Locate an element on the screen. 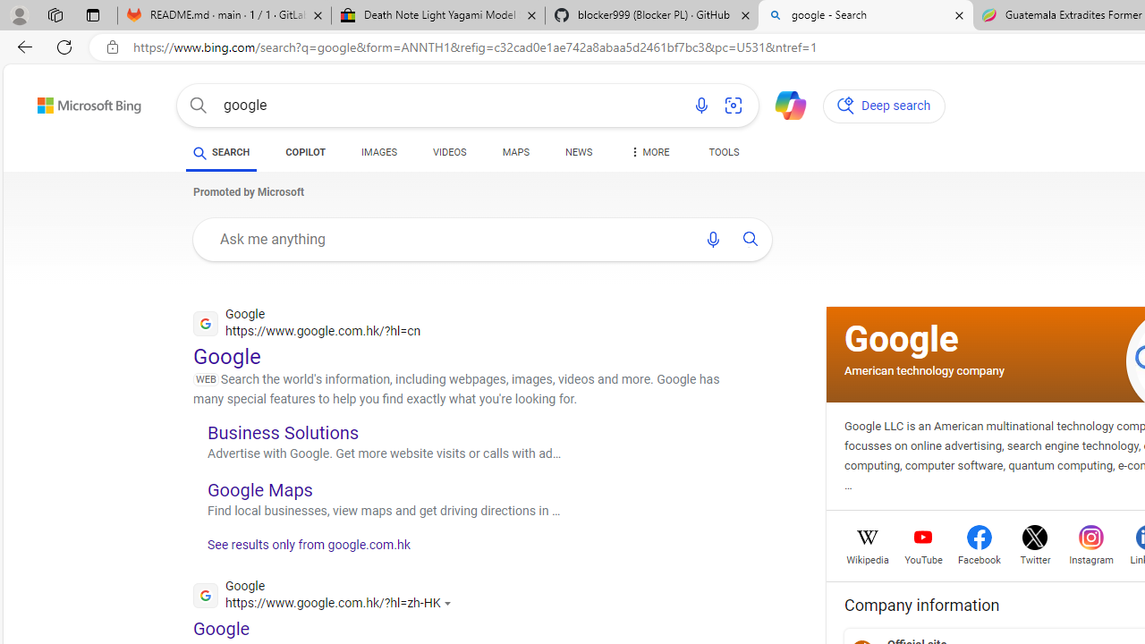 The height and width of the screenshot is (644, 1145). 'NEWS' is located at coordinates (579, 152).